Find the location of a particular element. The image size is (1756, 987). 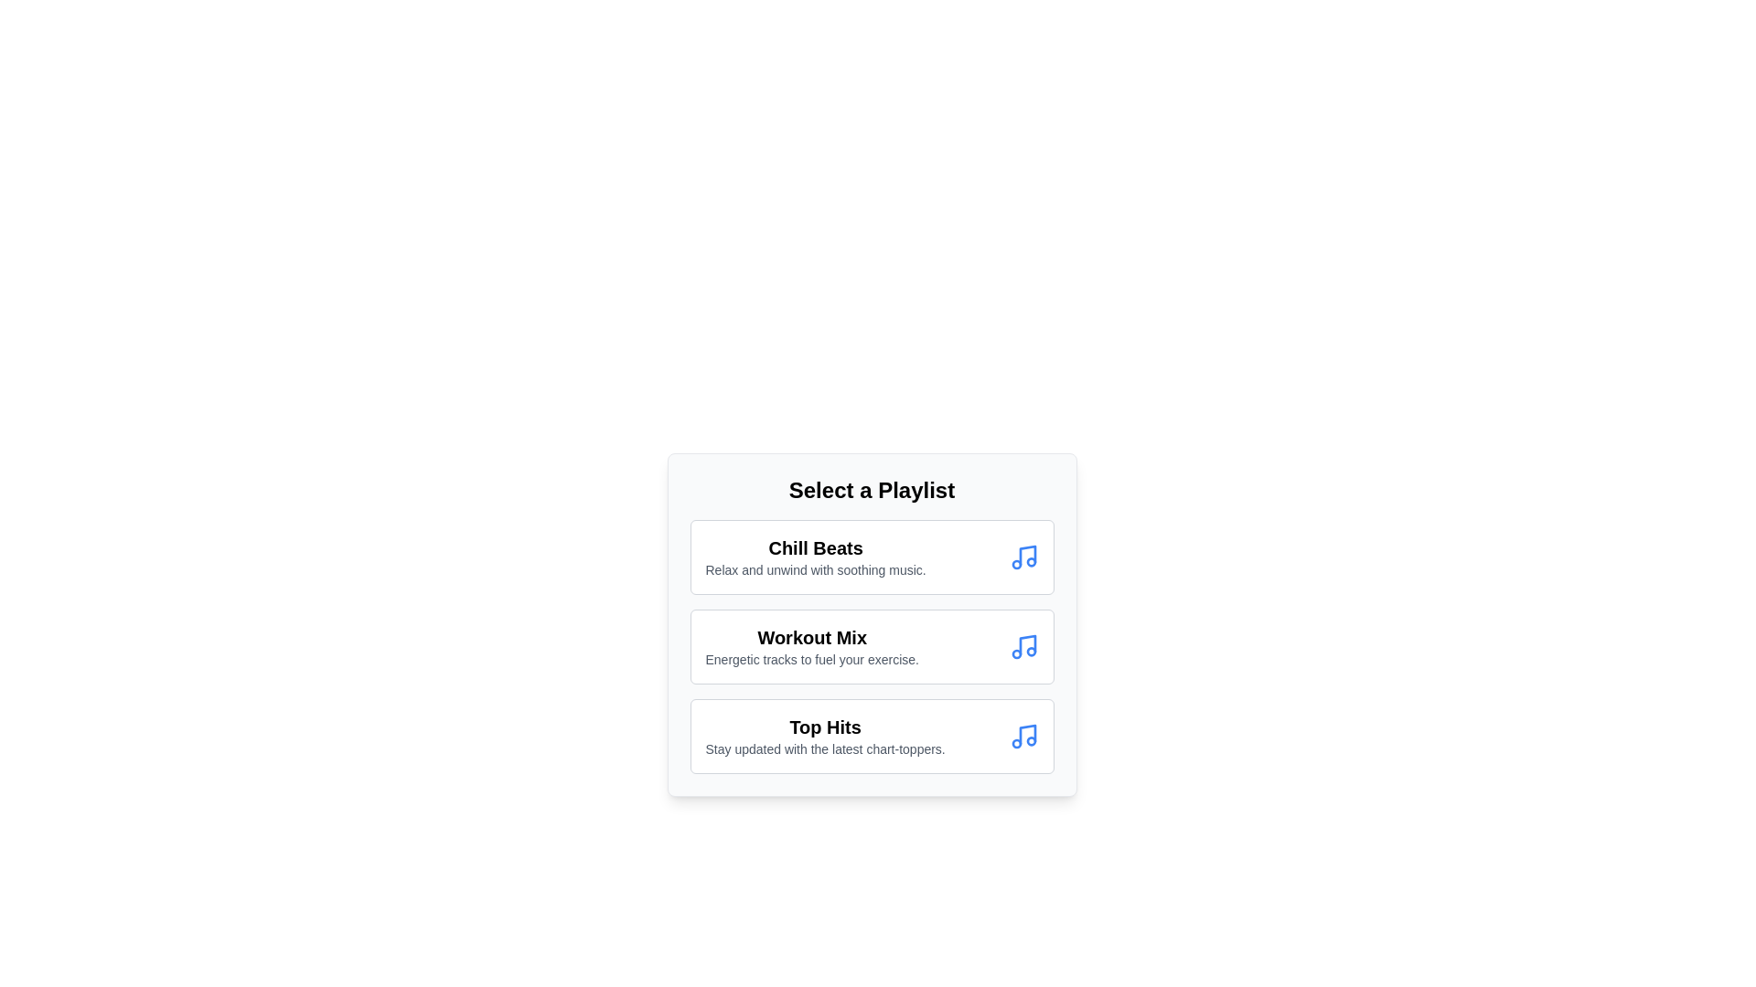

the title text of the 'Top Hits' playlist card, located in the third playlist card under the 'Select a Playlist' section, which is positioned above a description text and next to a musical note icon is located at coordinates (824, 726).